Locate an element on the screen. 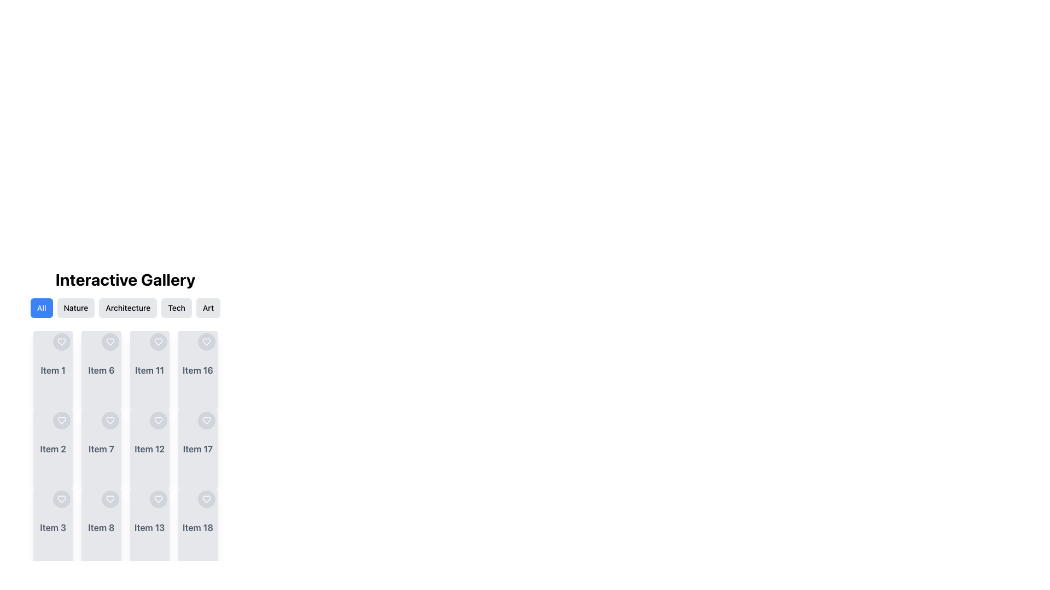  the heart-shaped icon button associated with 'Item 8' is located at coordinates (110, 499).